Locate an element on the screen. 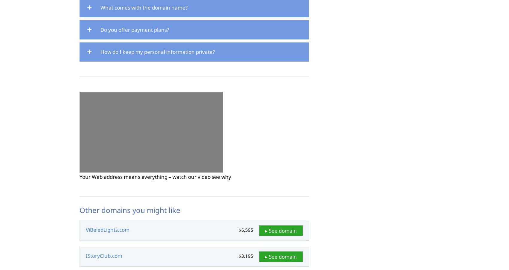  'ViBeledLights.com' is located at coordinates (107, 230).